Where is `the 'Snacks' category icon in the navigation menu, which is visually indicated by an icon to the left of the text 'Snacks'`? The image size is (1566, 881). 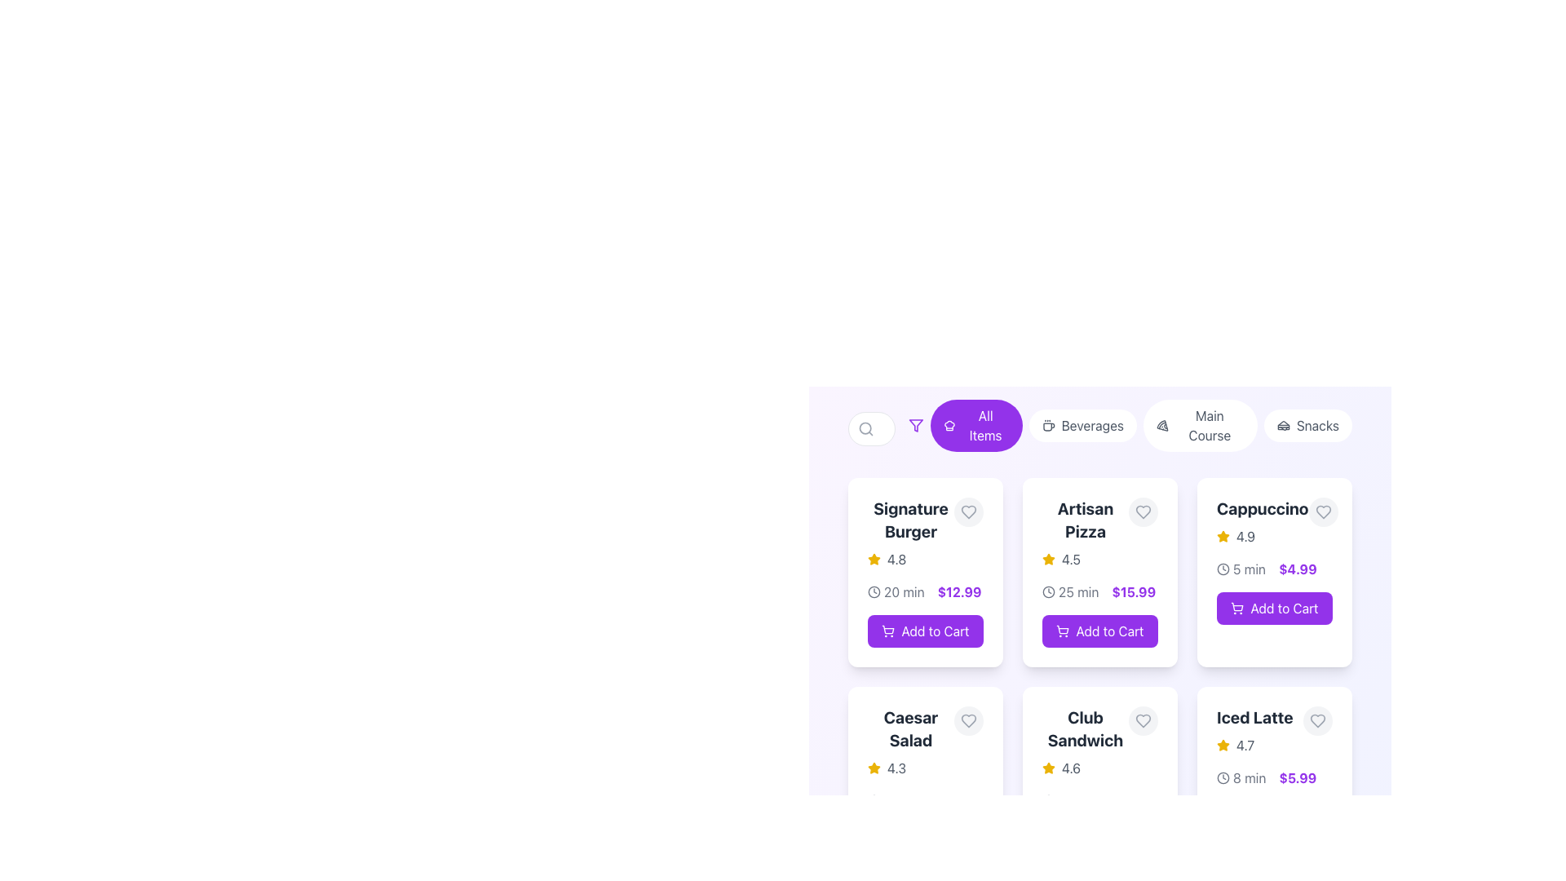 the 'Snacks' category icon in the navigation menu, which is visually indicated by an icon to the left of the text 'Snacks' is located at coordinates (1282, 424).